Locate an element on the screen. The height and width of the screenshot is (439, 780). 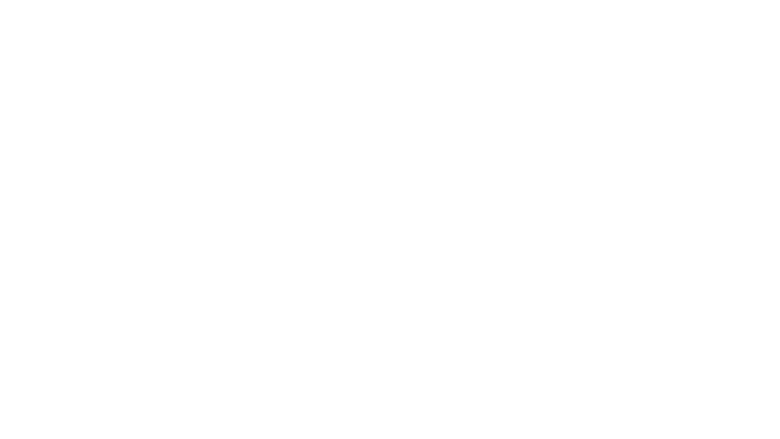
473 following is located at coordinates (458, 68).